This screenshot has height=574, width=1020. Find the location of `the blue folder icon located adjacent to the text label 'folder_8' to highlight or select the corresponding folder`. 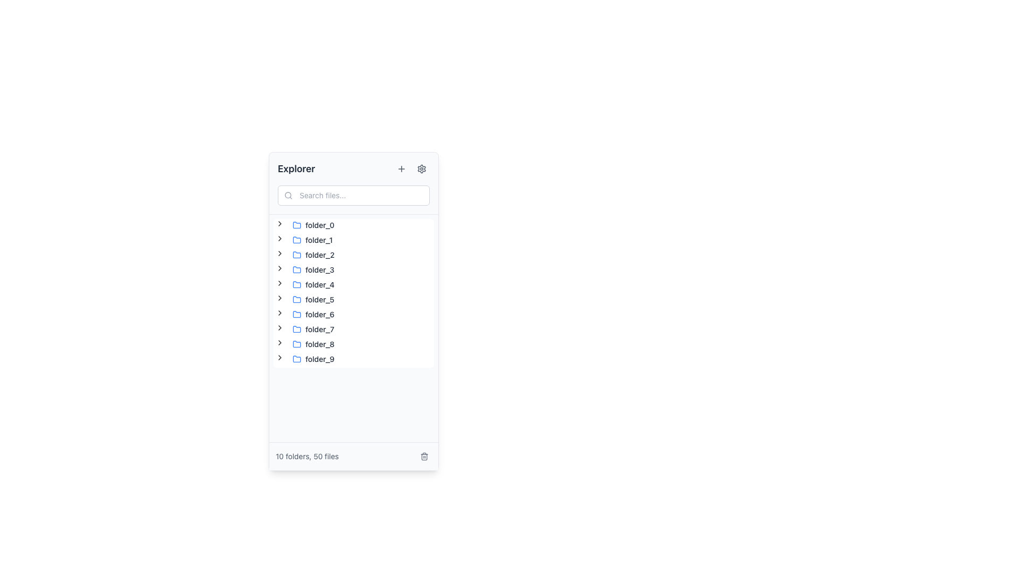

the blue folder icon located adjacent to the text label 'folder_8' to highlight or select the corresponding folder is located at coordinates (296, 344).